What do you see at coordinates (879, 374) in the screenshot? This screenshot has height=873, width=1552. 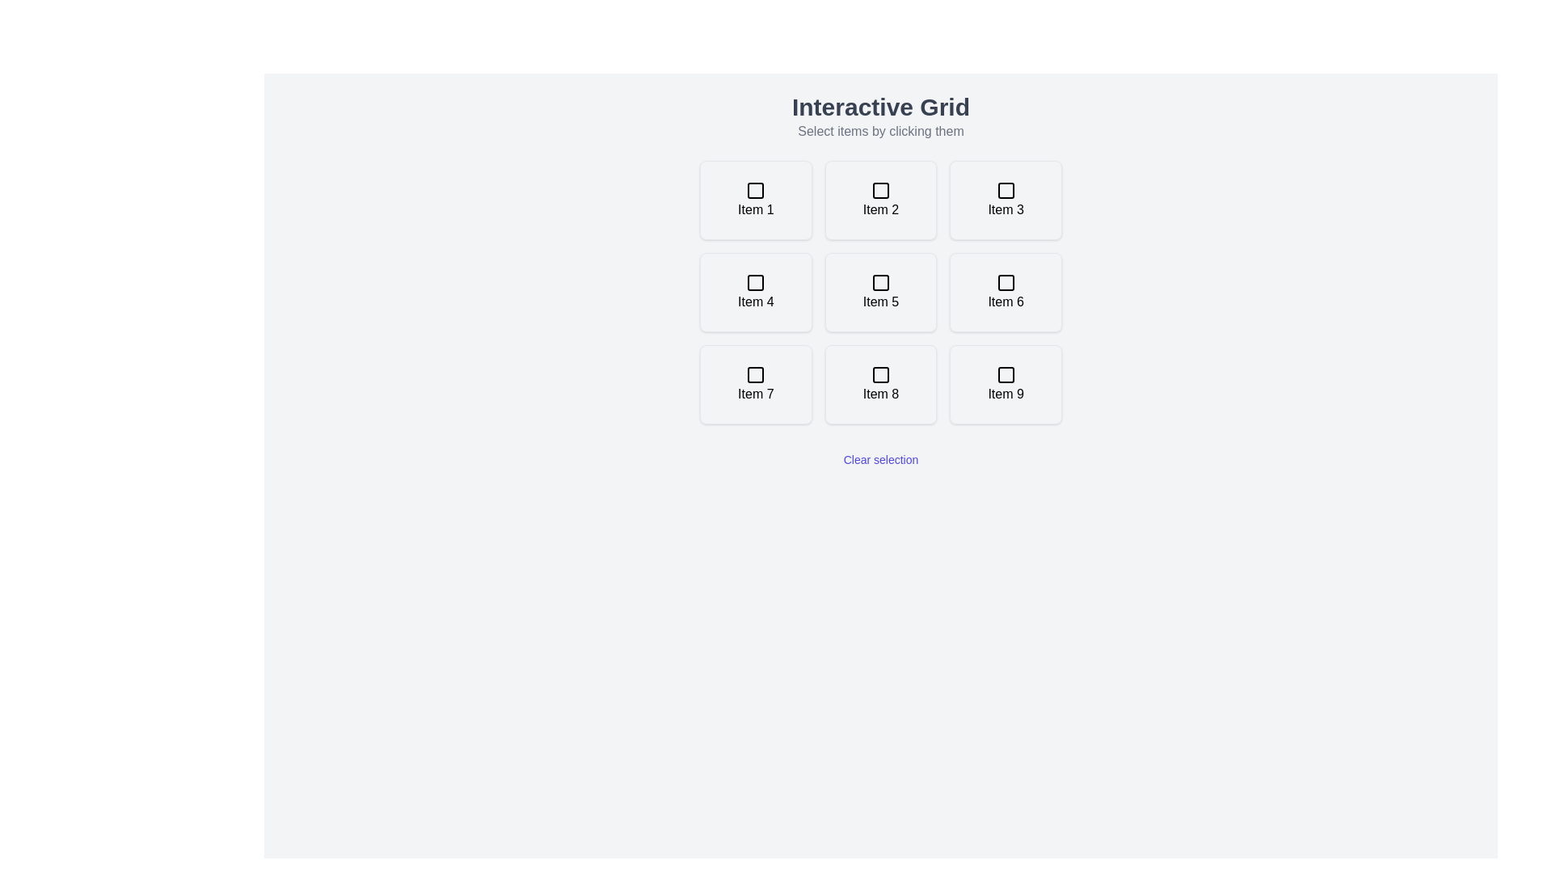 I see `the 'Item 8' icon in the grid` at bounding box center [879, 374].